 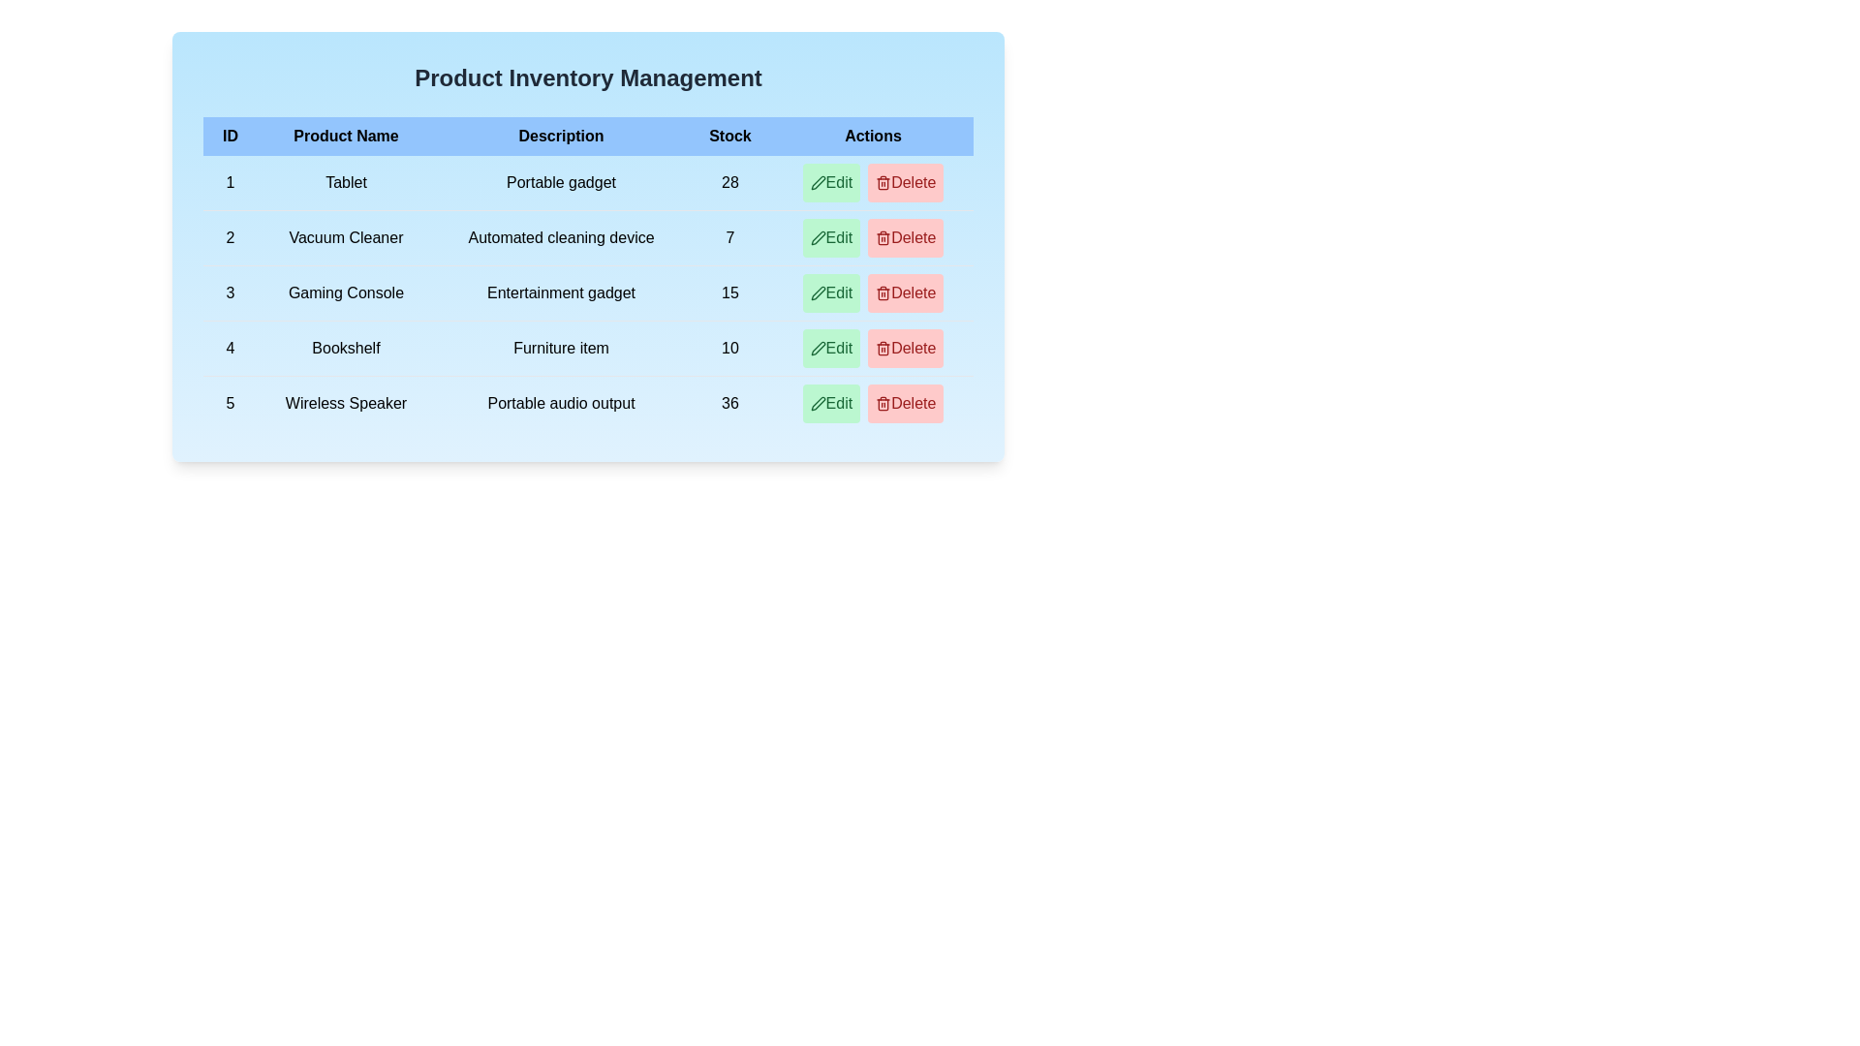 I want to click on the text label displaying the number '2', so click(x=230, y=237).